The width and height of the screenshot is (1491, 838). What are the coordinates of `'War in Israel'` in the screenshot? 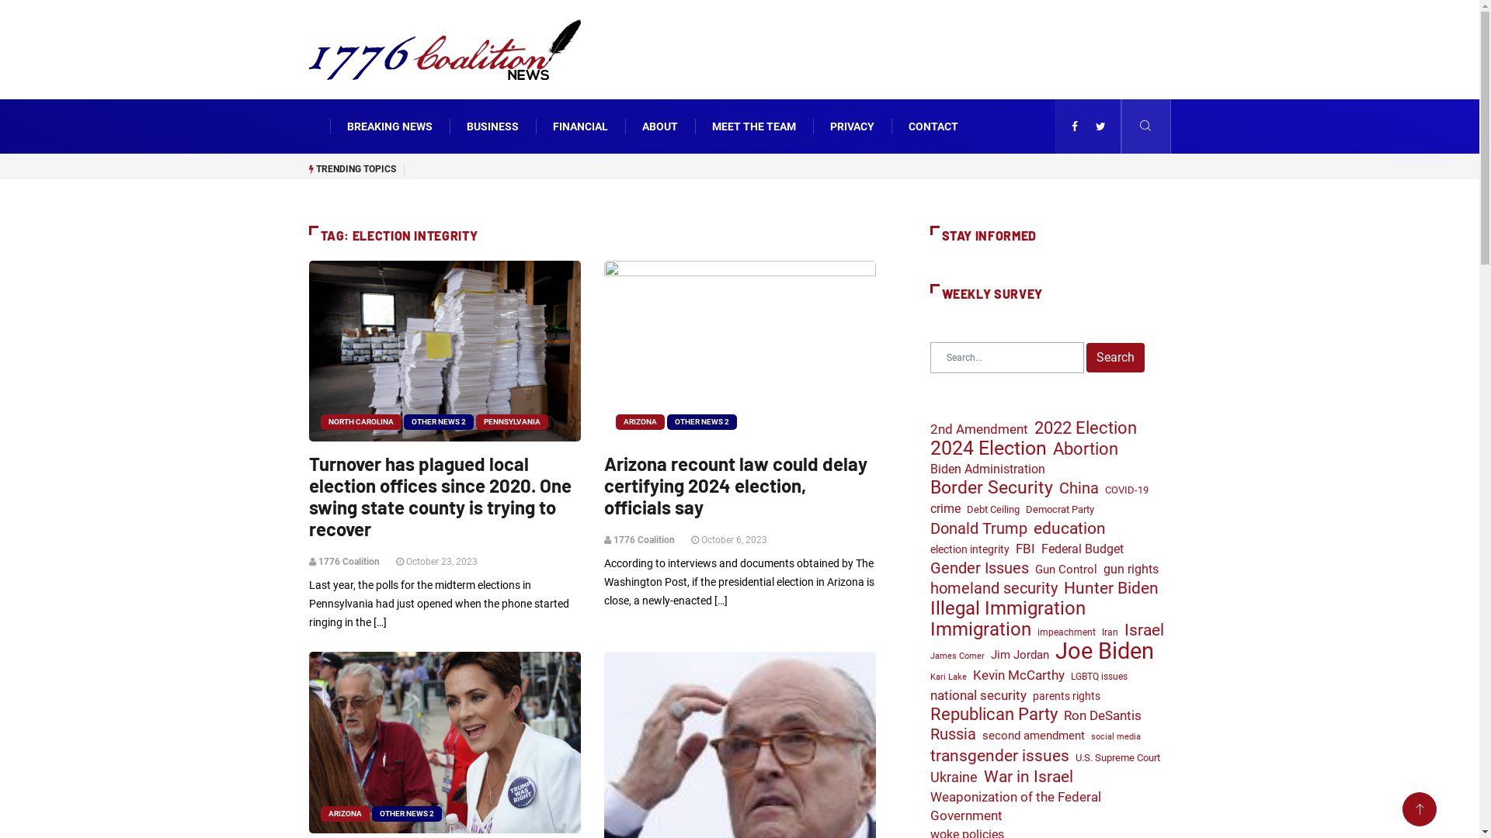 It's located at (982, 777).